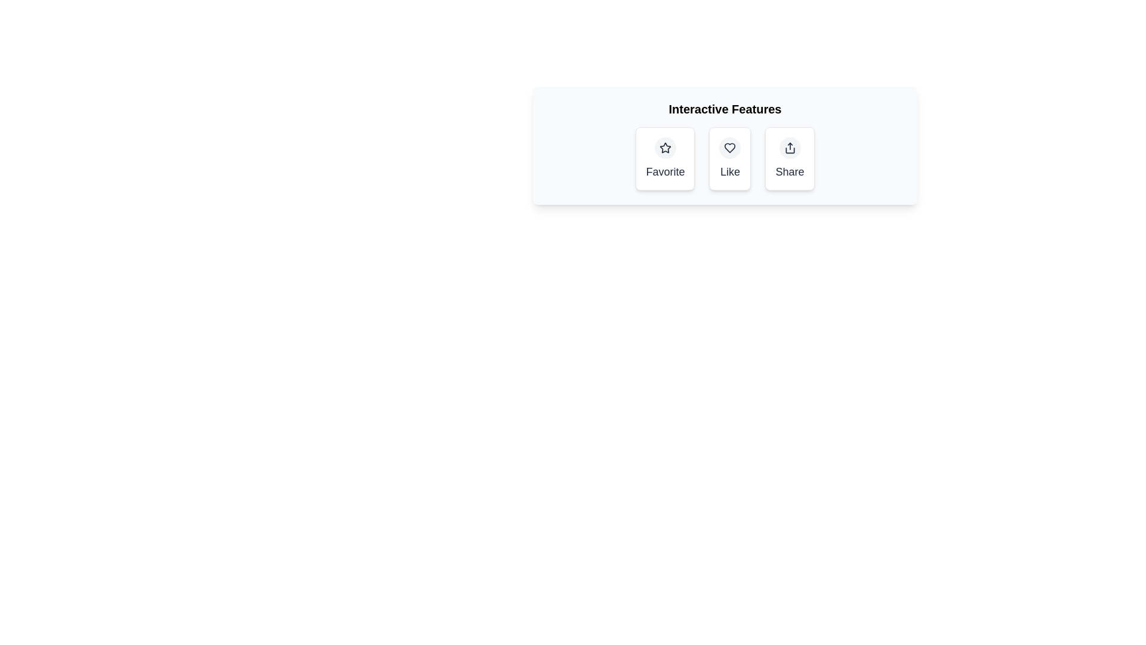 This screenshot has height=645, width=1146. Describe the element at coordinates (664, 158) in the screenshot. I see `the Favorite button to activate it` at that location.